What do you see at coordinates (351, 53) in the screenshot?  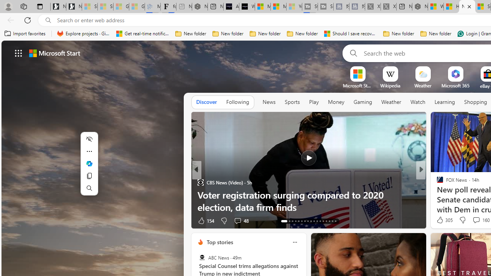 I see `'Search'` at bounding box center [351, 53].